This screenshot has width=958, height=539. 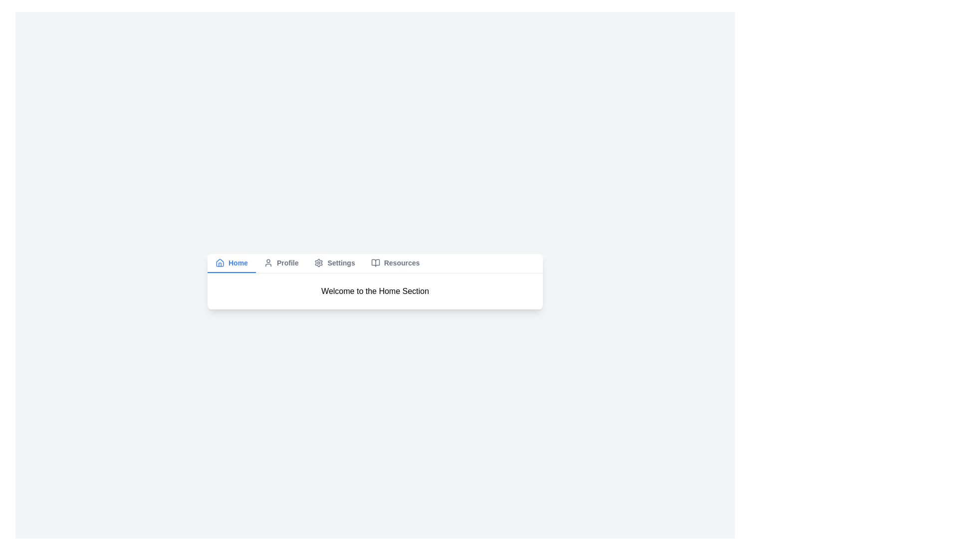 What do you see at coordinates (280, 262) in the screenshot?
I see `text label 'Profile' located in the navigation bar, which is styled in bold gray text and positioned next to a user profile icon` at bounding box center [280, 262].